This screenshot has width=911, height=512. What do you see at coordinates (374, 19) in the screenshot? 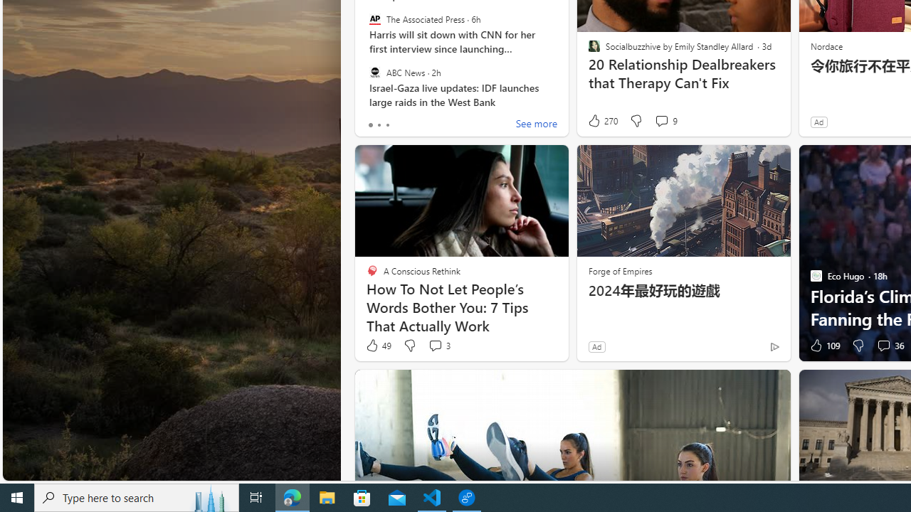
I see `'The Associated Press'` at bounding box center [374, 19].